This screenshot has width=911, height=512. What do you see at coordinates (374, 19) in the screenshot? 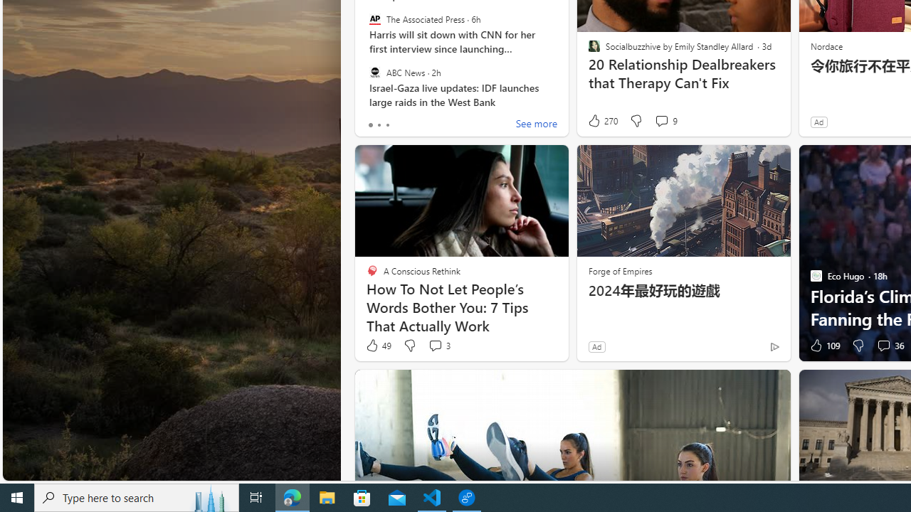
I see `'The Associated Press'` at bounding box center [374, 19].